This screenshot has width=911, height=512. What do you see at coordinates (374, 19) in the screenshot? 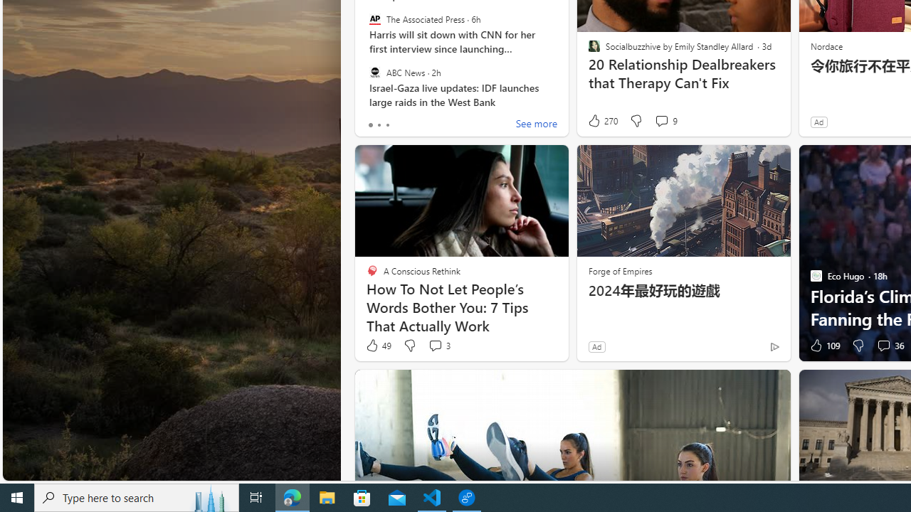
I see `'The Associated Press'` at bounding box center [374, 19].